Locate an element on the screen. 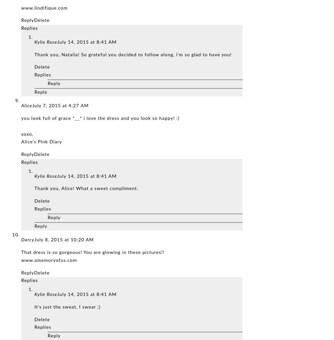  'you look full of grace *__* i love the dress and you look so happy! :)' is located at coordinates (100, 119).